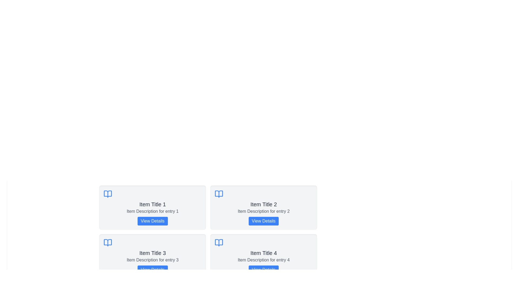  What do you see at coordinates (152, 260) in the screenshot?
I see `the Text Label that displays the description for 'Item Title 3', located above the 'View Details' button in the third card of the grid layout` at bounding box center [152, 260].